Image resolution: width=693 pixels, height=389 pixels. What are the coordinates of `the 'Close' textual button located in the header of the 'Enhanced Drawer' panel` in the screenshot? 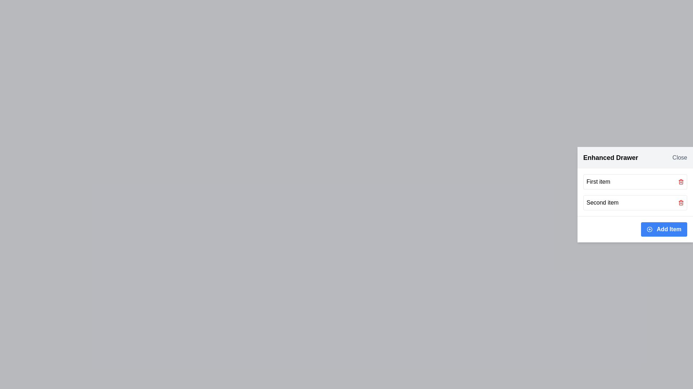 It's located at (679, 157).